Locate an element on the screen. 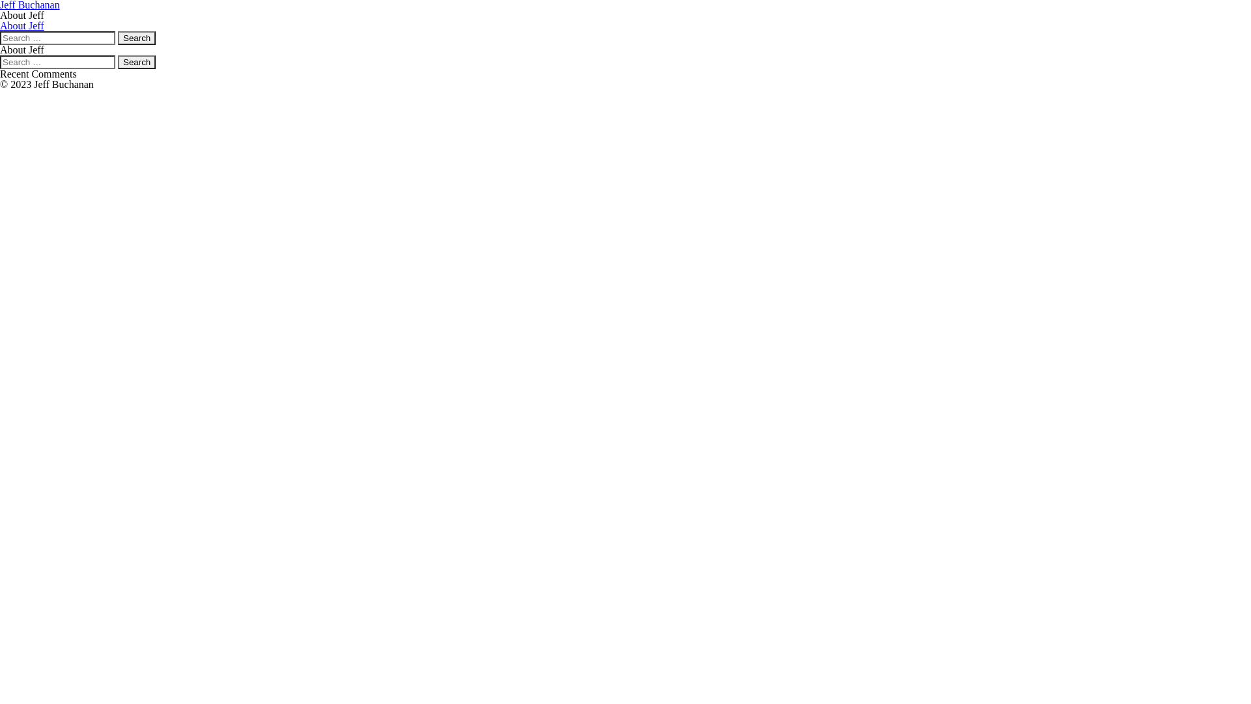 This screenshot has height=704, width=1251. 'About Jeff' is located at coordinates (22, 25).